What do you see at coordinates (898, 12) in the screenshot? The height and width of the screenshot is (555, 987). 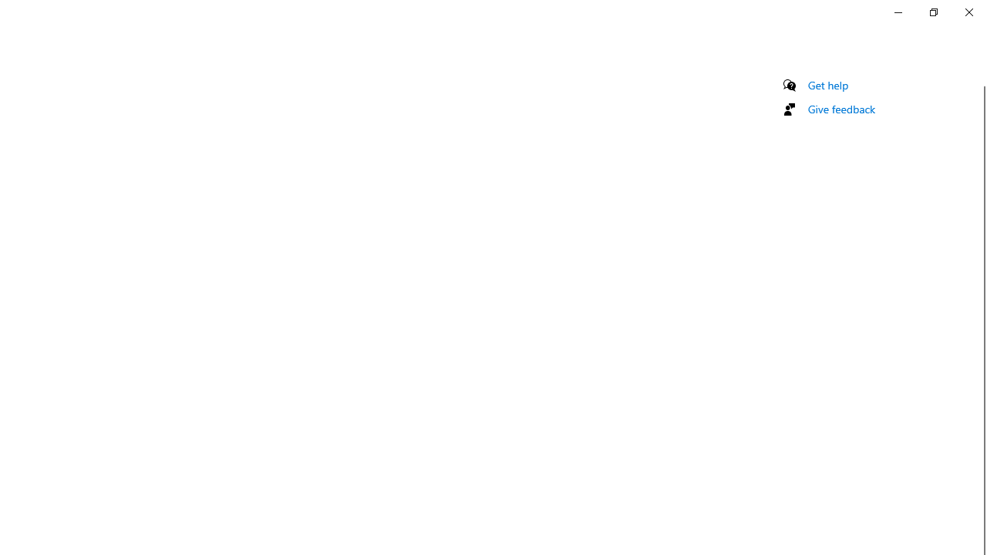 I see `'Minimize Settings'` at bounding box center [898, 12].